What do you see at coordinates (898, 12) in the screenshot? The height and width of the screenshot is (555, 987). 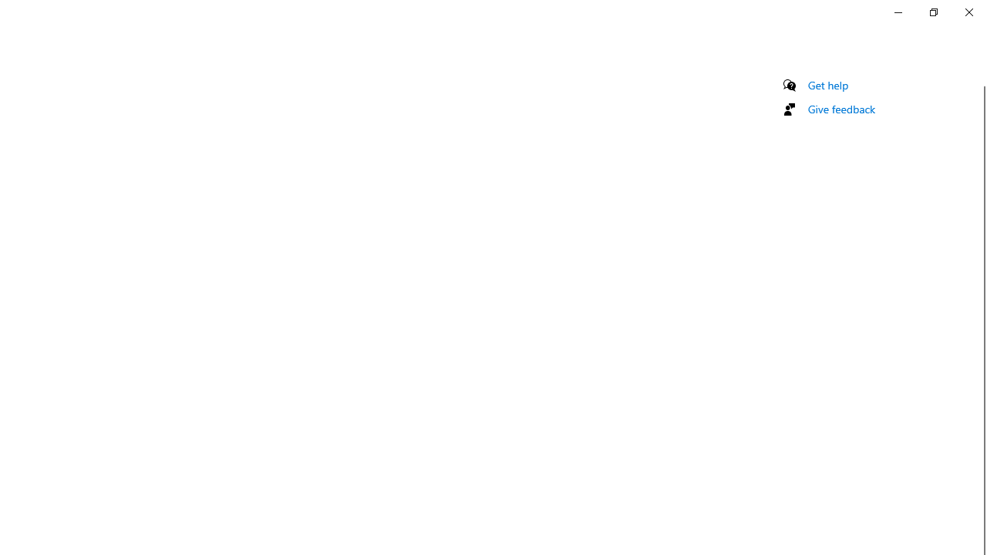 I see `'Minimize Settings'` at bounding box center [898, 12].